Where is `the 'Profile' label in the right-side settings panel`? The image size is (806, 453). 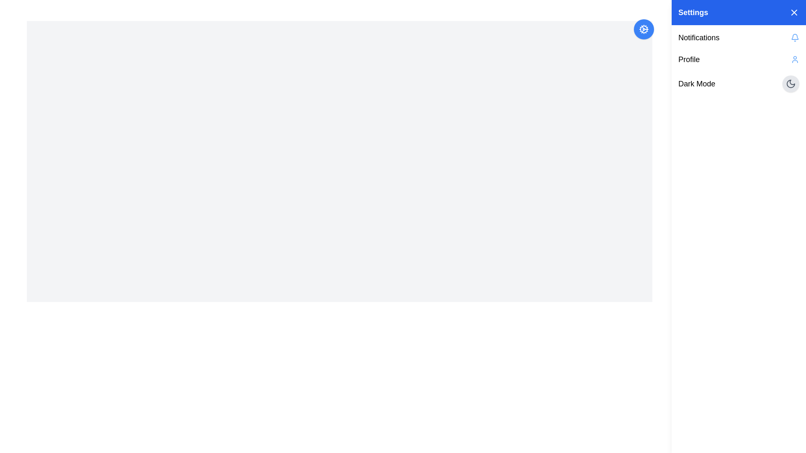 the 'Profile' label in the right-side settings panel is located at coordinates (689, 59).